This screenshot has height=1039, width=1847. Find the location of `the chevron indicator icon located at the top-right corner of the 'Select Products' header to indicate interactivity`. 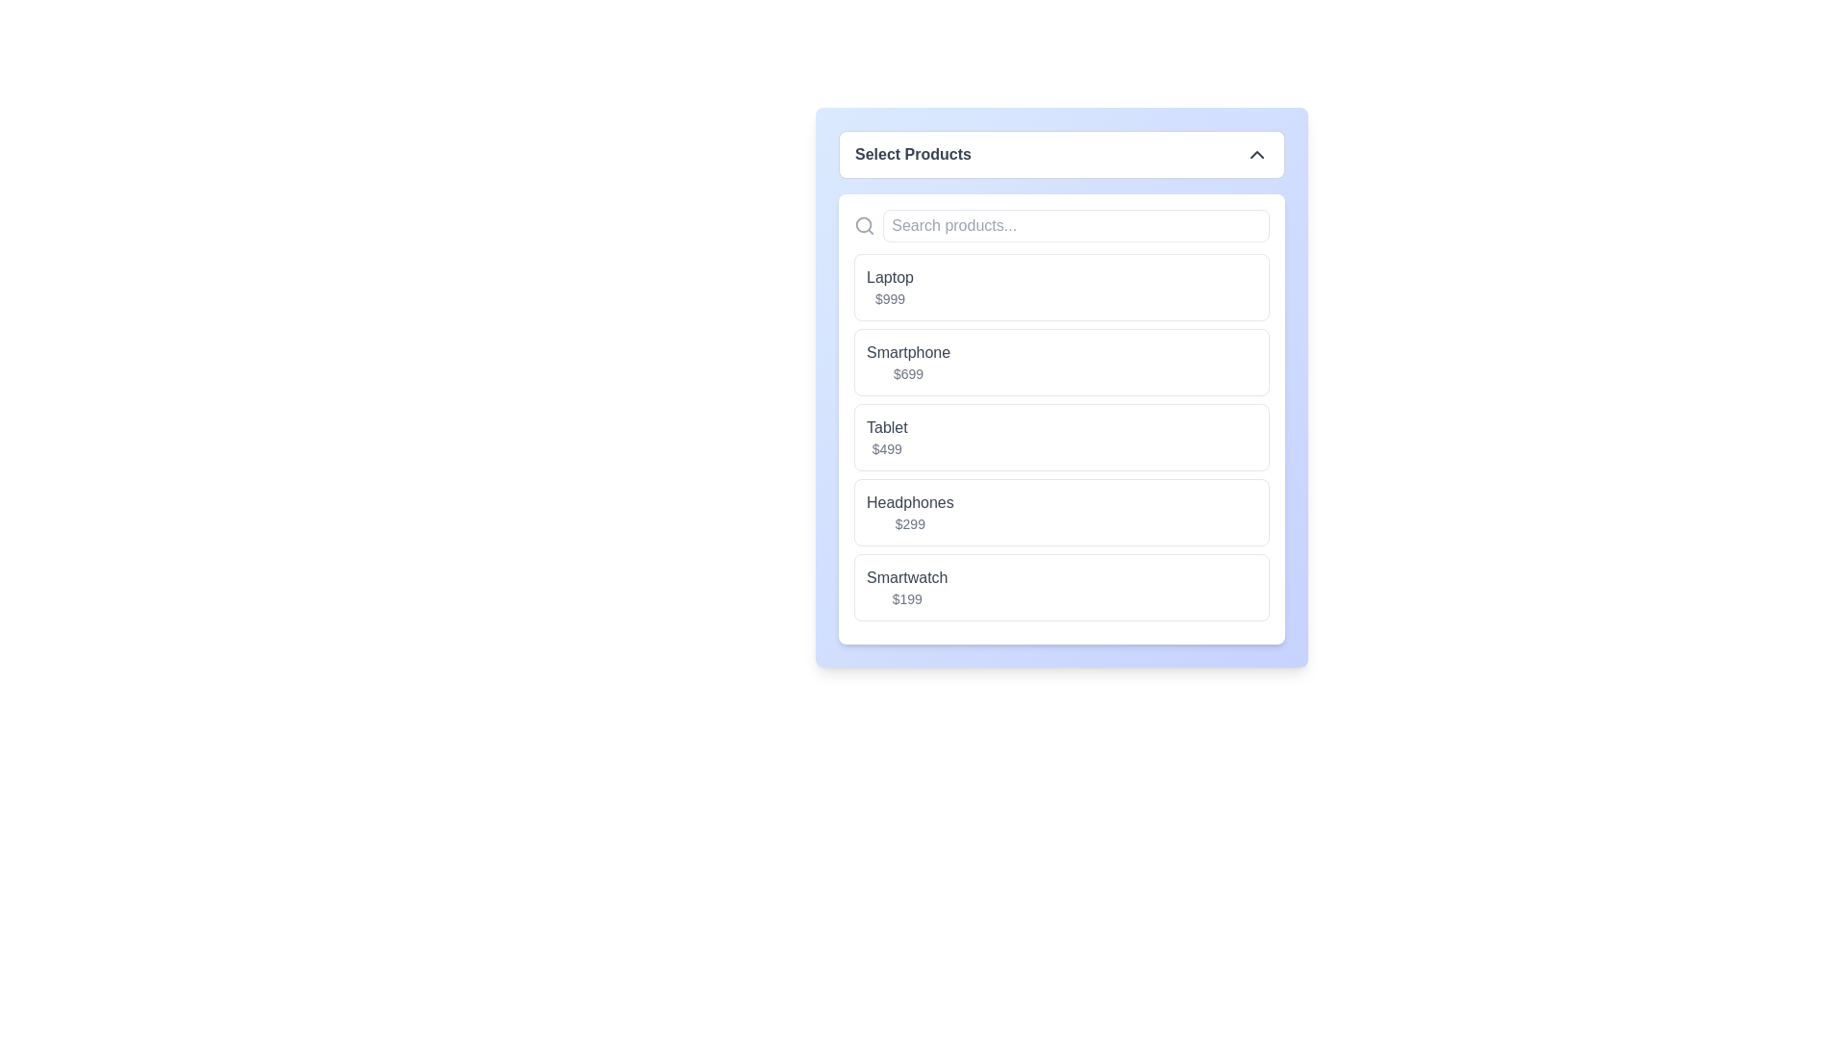

the chevron indicator icon located at the top-right corner of the 'Select Products' header to indicate interactivity is located at coordinates (1256, 154).